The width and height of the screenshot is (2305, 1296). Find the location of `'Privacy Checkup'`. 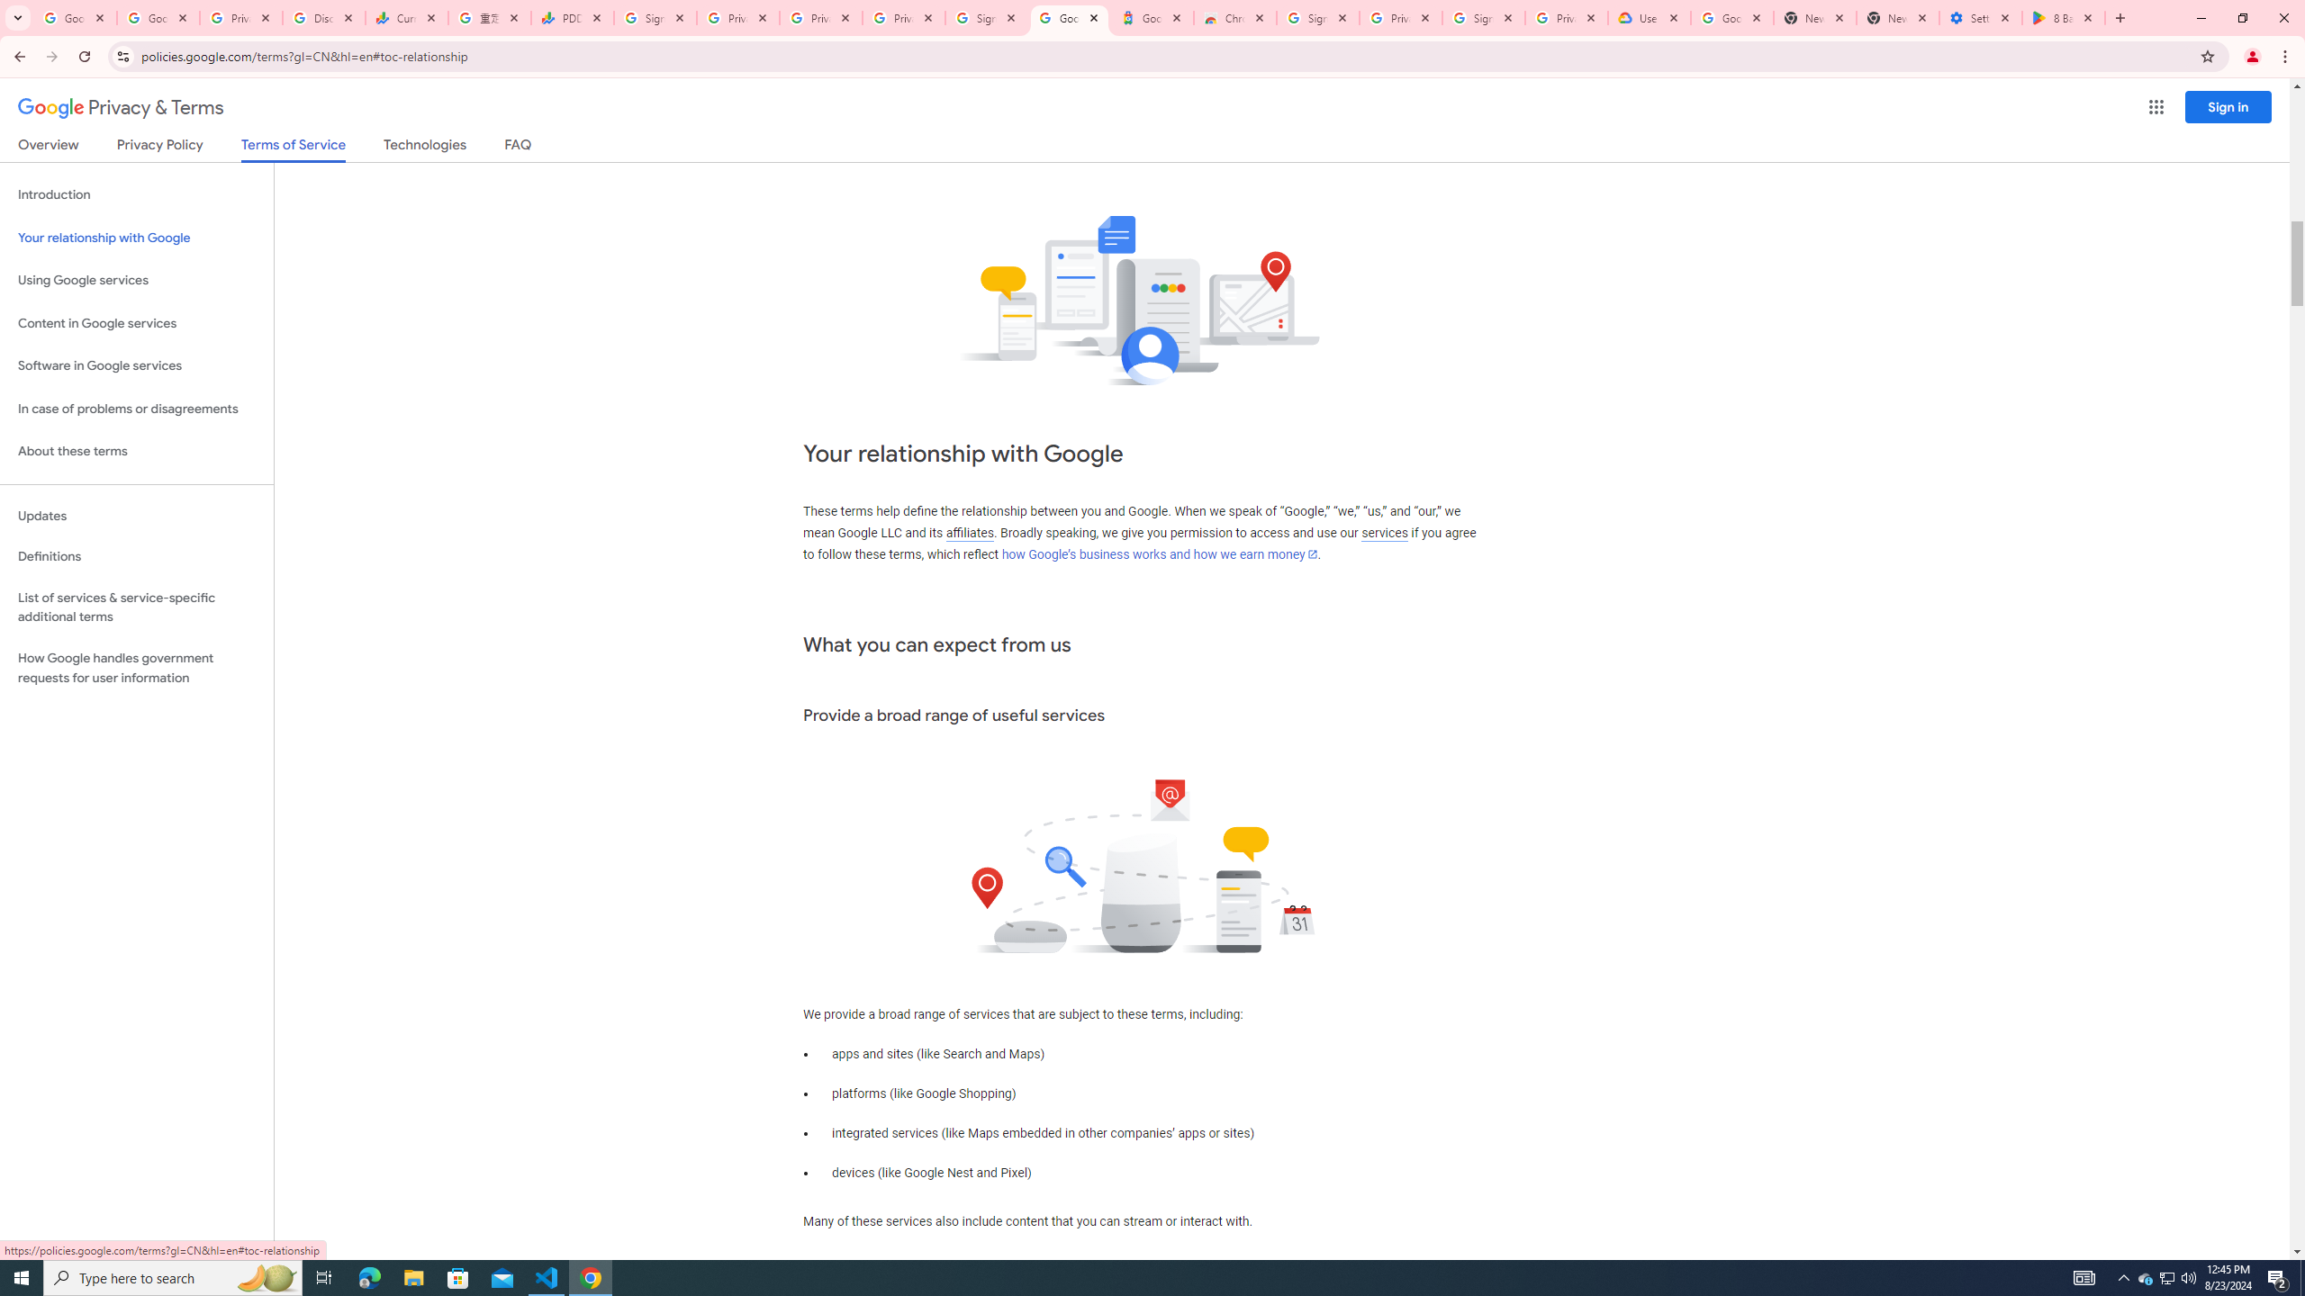

'Privacy Checkup' is located at coordinates (821, 17).